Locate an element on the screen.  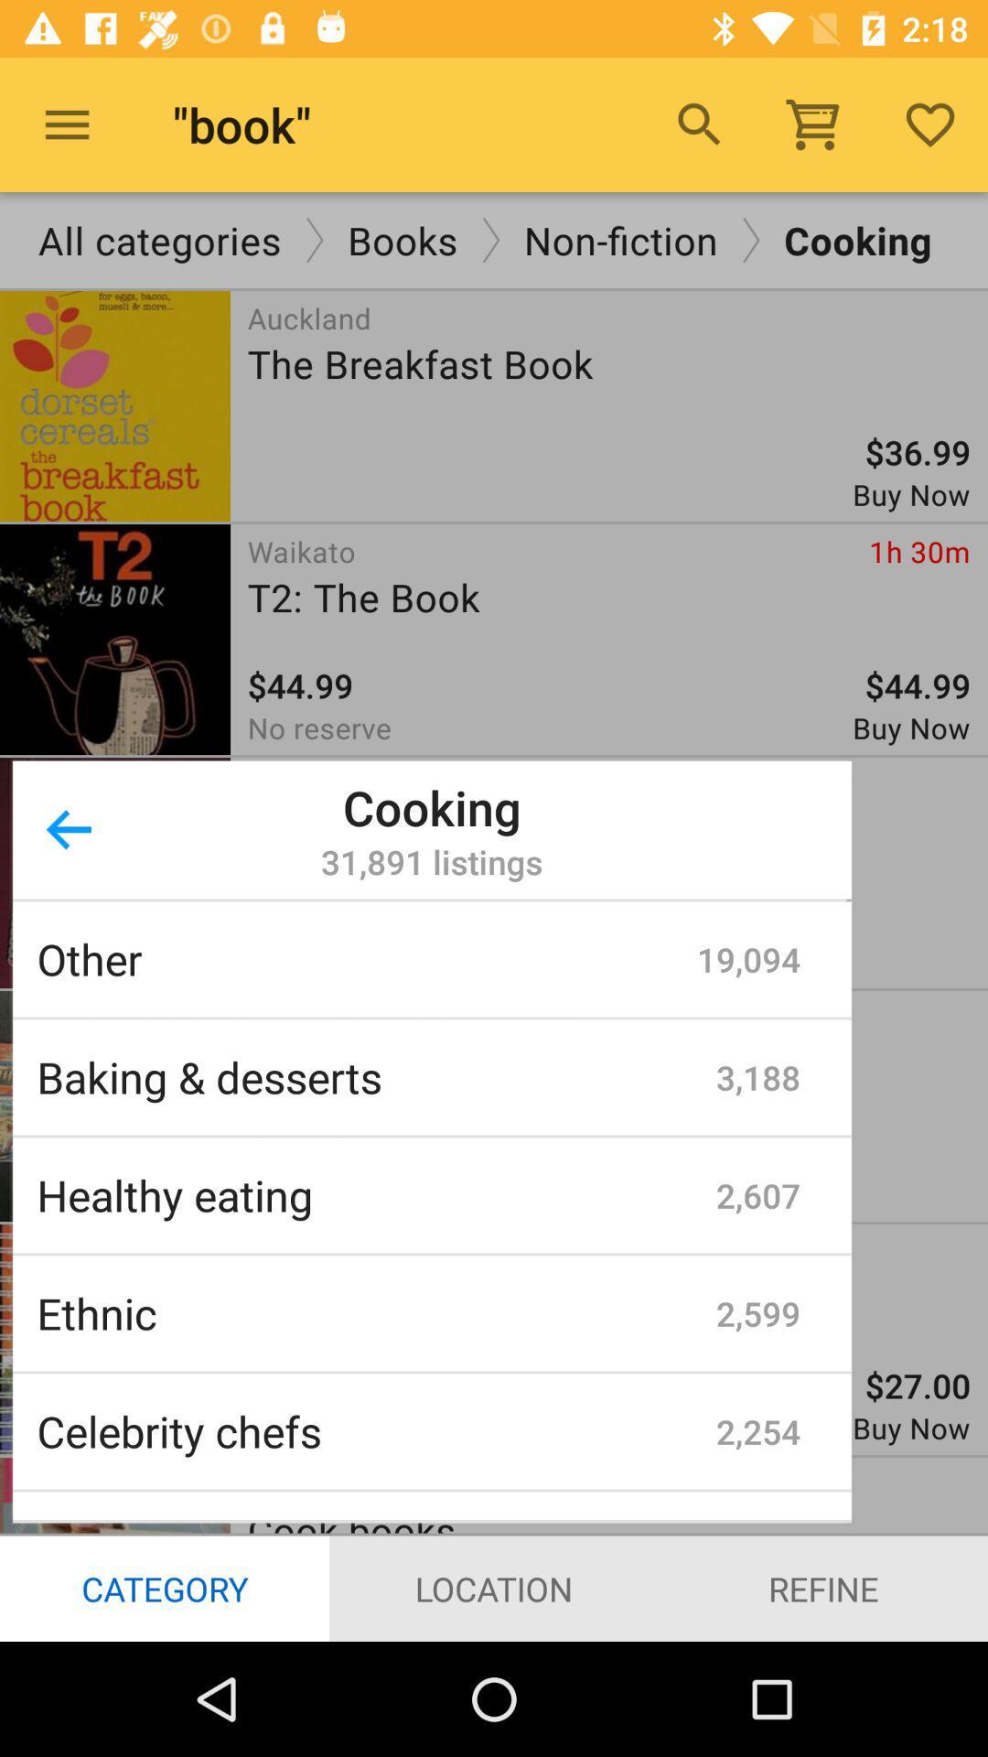
item above the celebrity chefs is located at coordinates (375, 1312).